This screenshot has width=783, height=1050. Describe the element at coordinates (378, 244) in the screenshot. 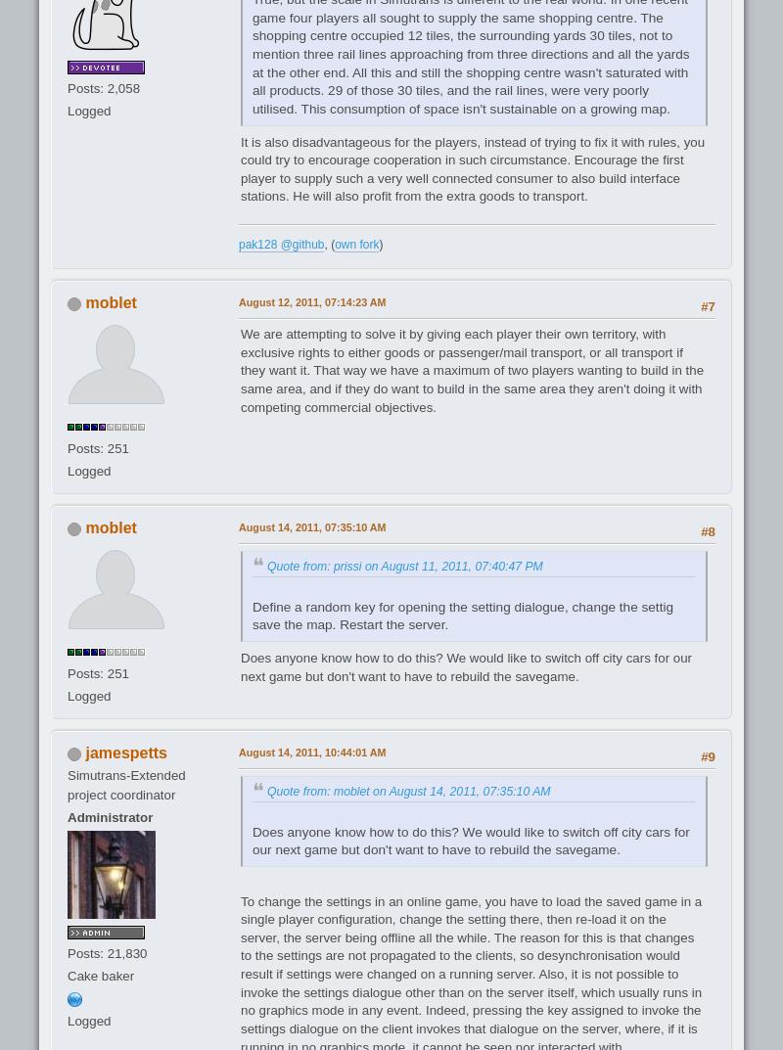

I see `')'` at that location.